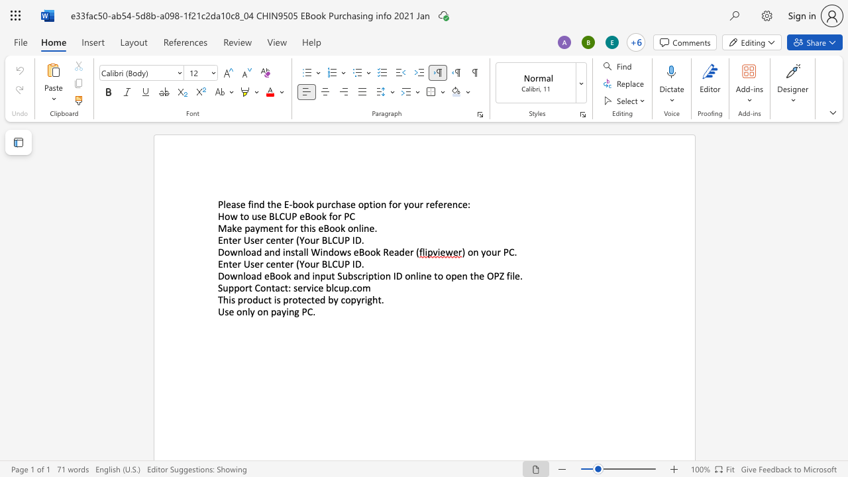  I want to click on the 1th character "o" in the text, so click(242, 287).